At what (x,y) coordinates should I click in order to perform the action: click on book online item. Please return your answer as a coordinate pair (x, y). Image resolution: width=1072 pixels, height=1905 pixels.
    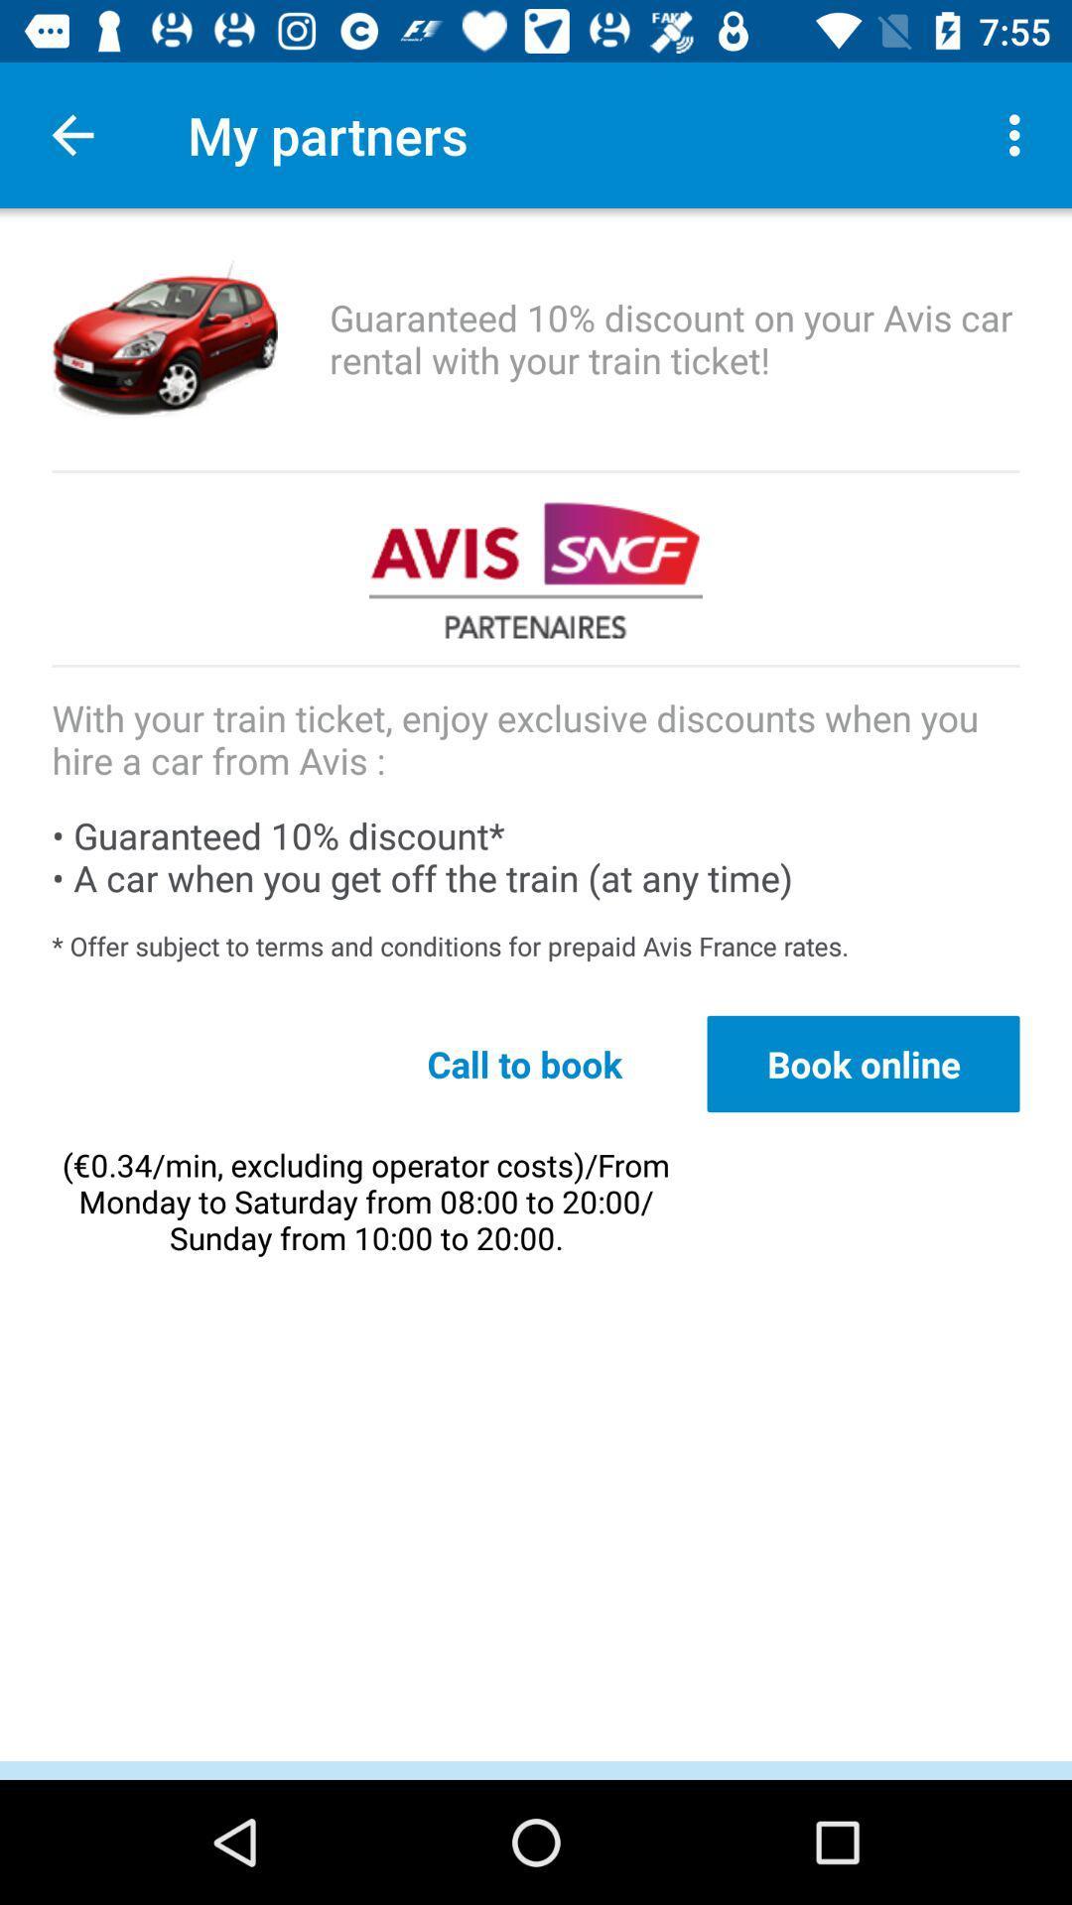
    Looking at the image, I should click on (863, 1063).